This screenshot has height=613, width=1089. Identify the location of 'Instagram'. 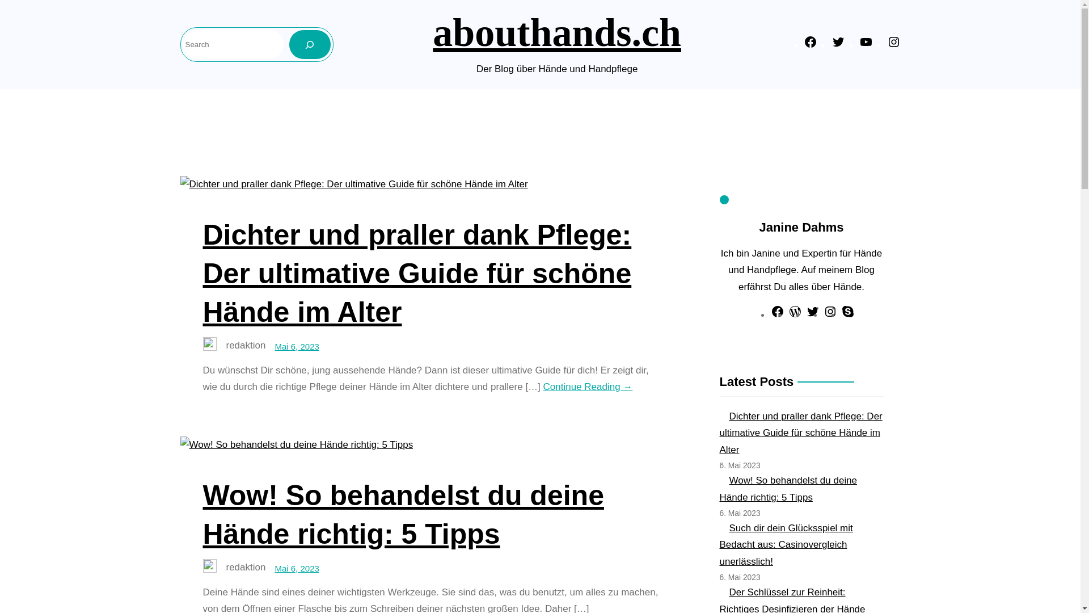
(887, 45).